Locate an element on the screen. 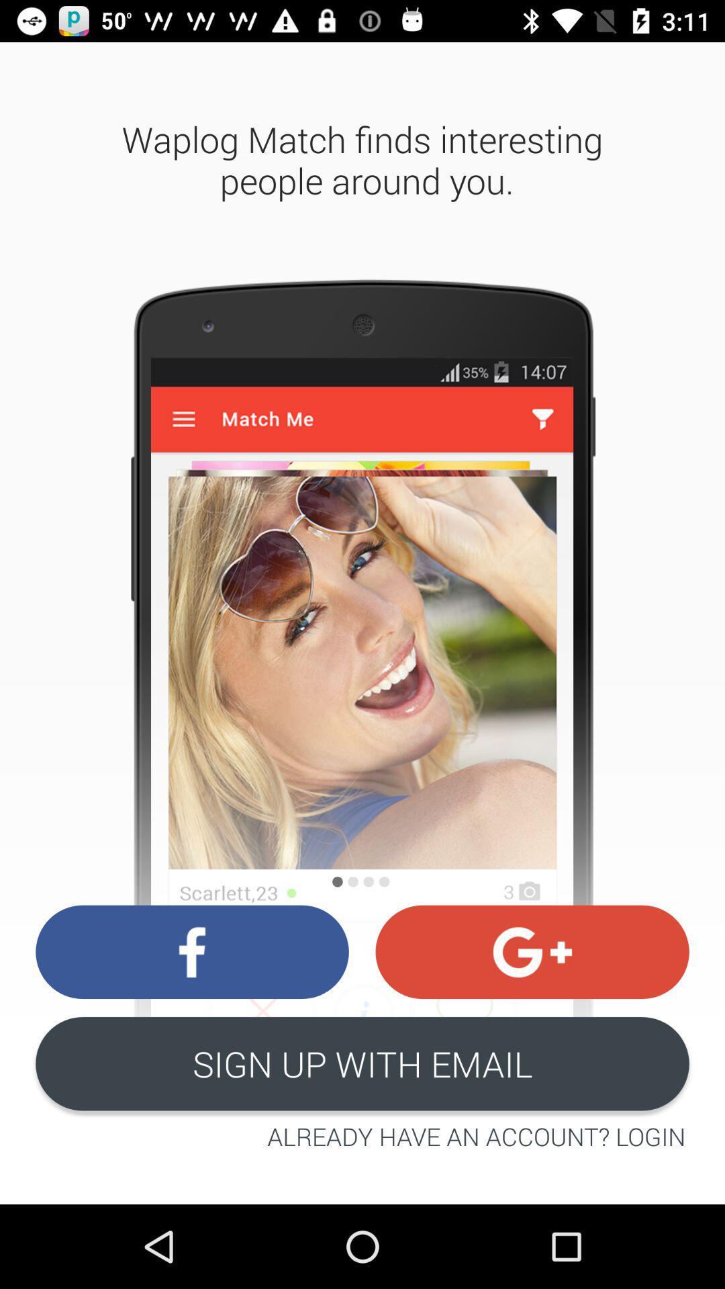  the swap icon is located at coordinates (532, 951).